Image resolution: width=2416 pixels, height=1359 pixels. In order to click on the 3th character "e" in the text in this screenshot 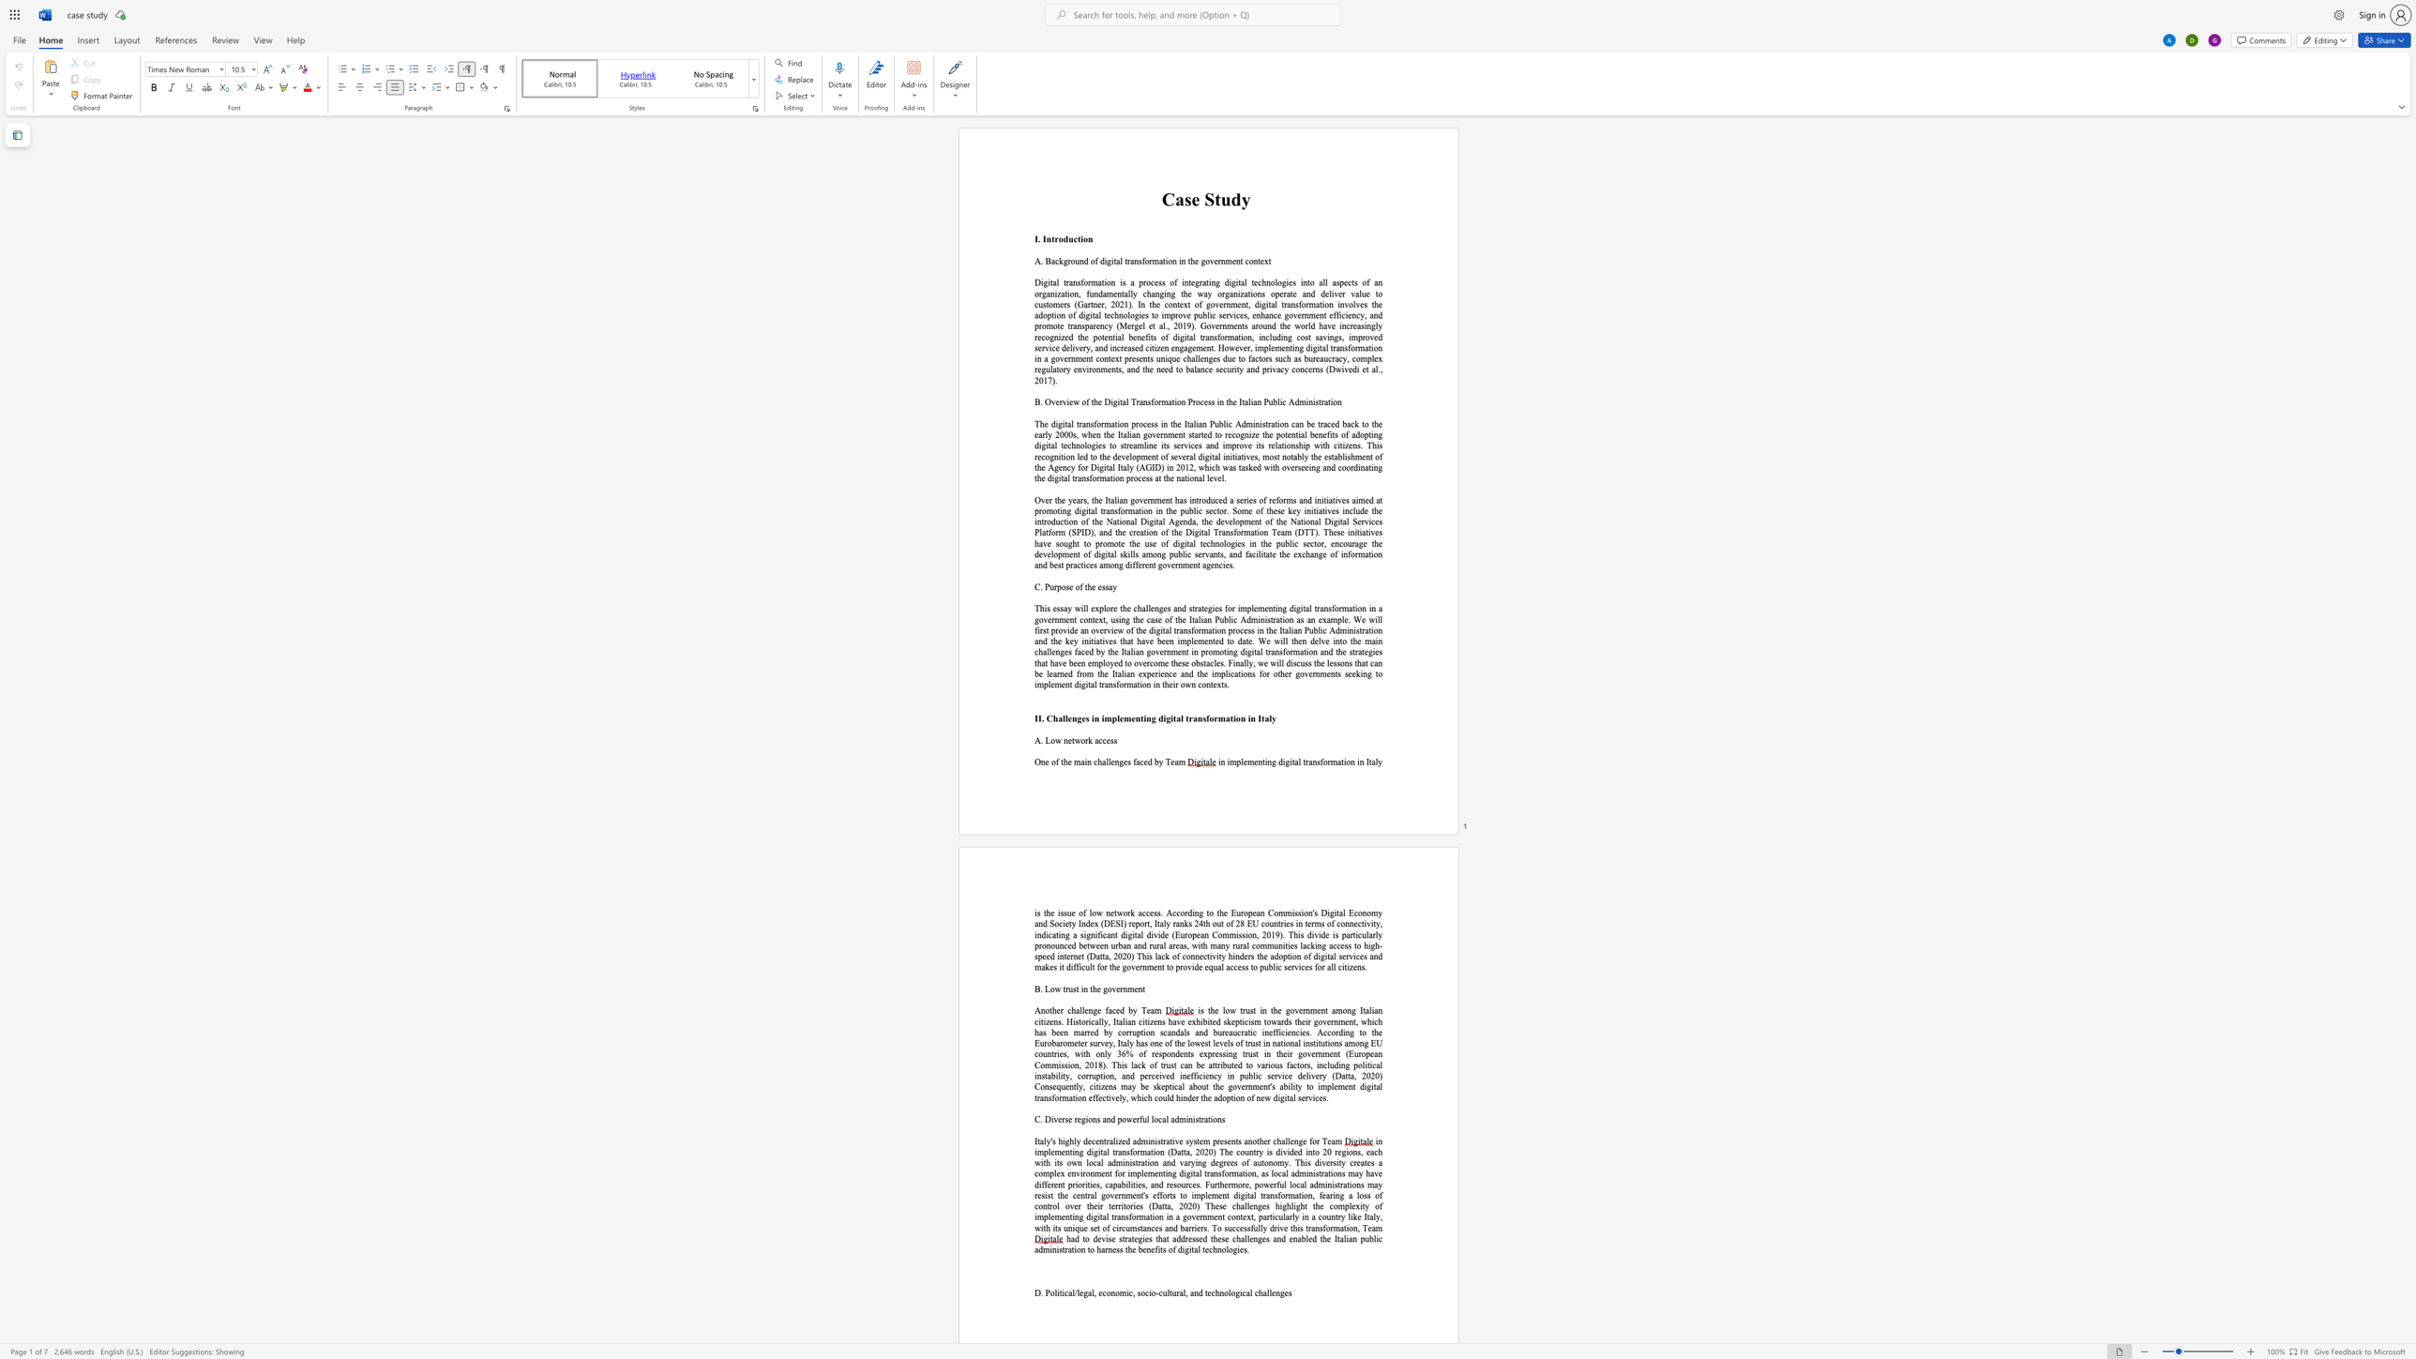, I will do `click(1136, 989)`.